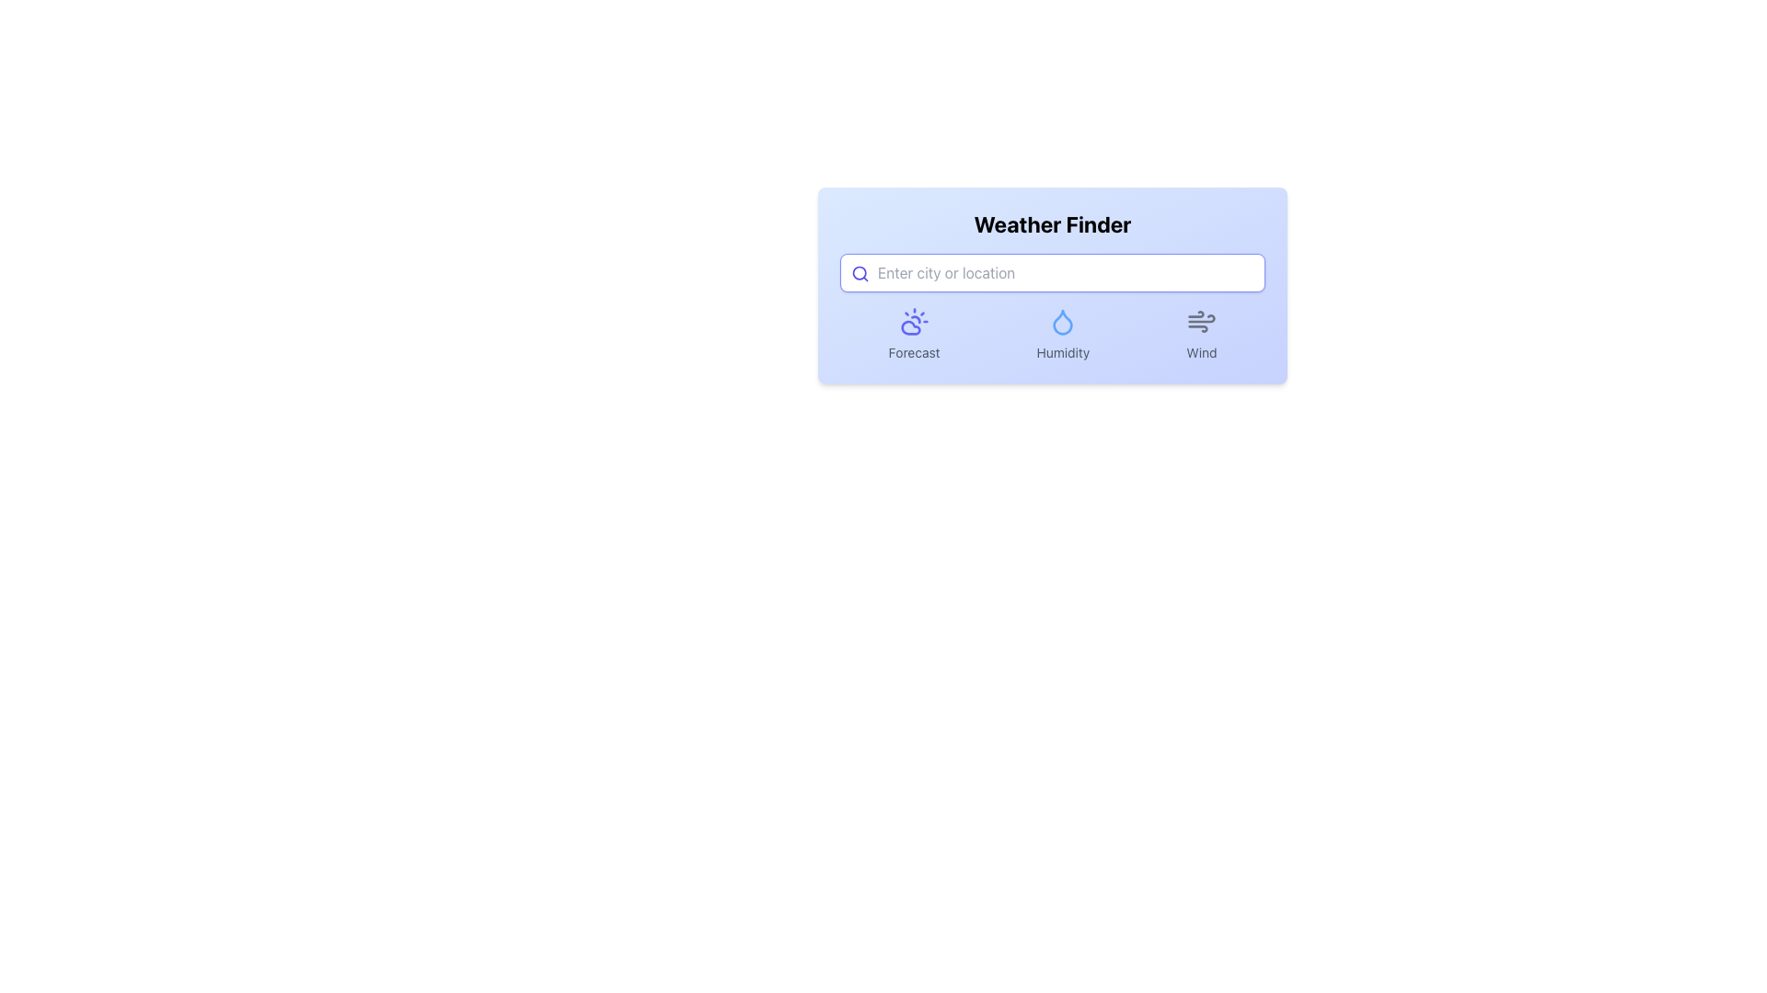  I want to click on the text label displaying 'Wind', which is styled with a small-sized gray font and located in the bottom-right section of the weather search interface, underneath a wind icon, so click(1201, 353).